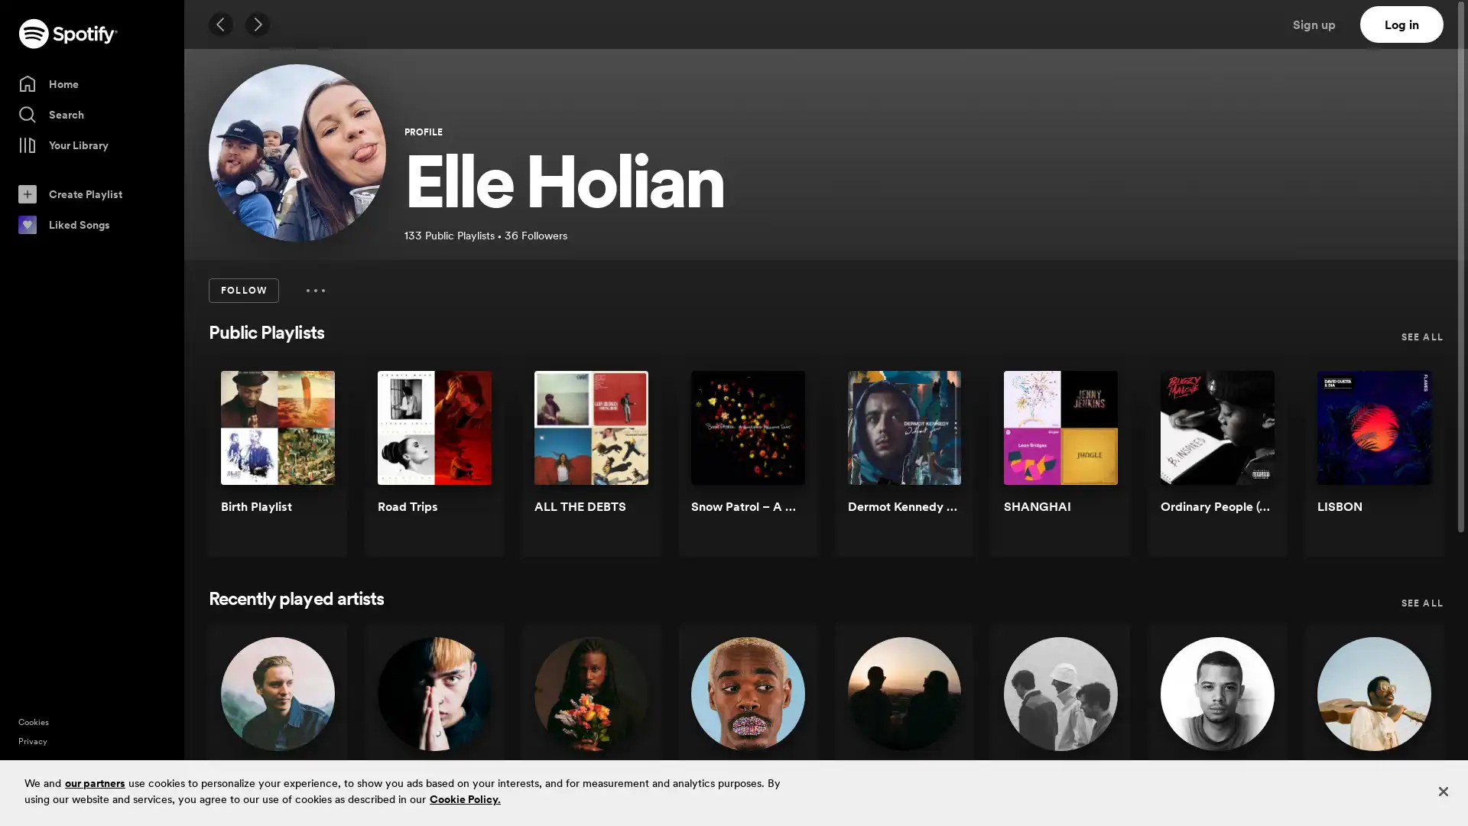  Describe the element at coordinates (623, 465) in the screenshot. I see `Play ALL THE DEBTS` at that location.